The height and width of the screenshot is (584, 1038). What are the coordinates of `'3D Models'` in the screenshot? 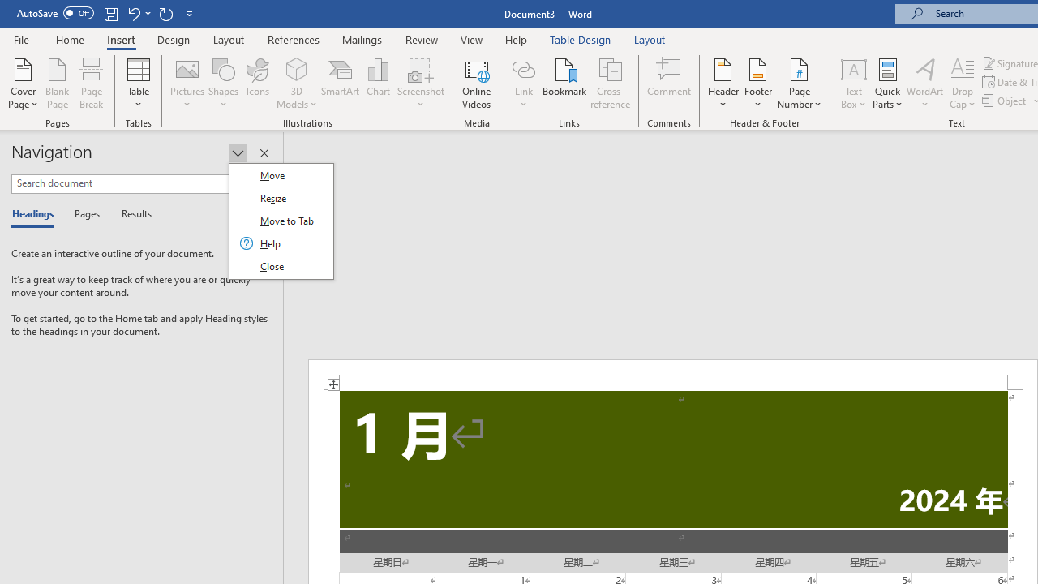 It's located at (297, 84).